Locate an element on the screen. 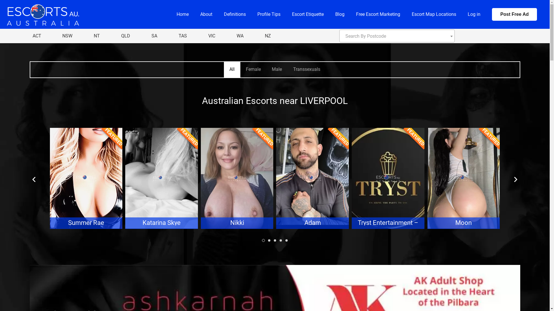  'Free Escort Marketing' is located at coordinates (350, 14).